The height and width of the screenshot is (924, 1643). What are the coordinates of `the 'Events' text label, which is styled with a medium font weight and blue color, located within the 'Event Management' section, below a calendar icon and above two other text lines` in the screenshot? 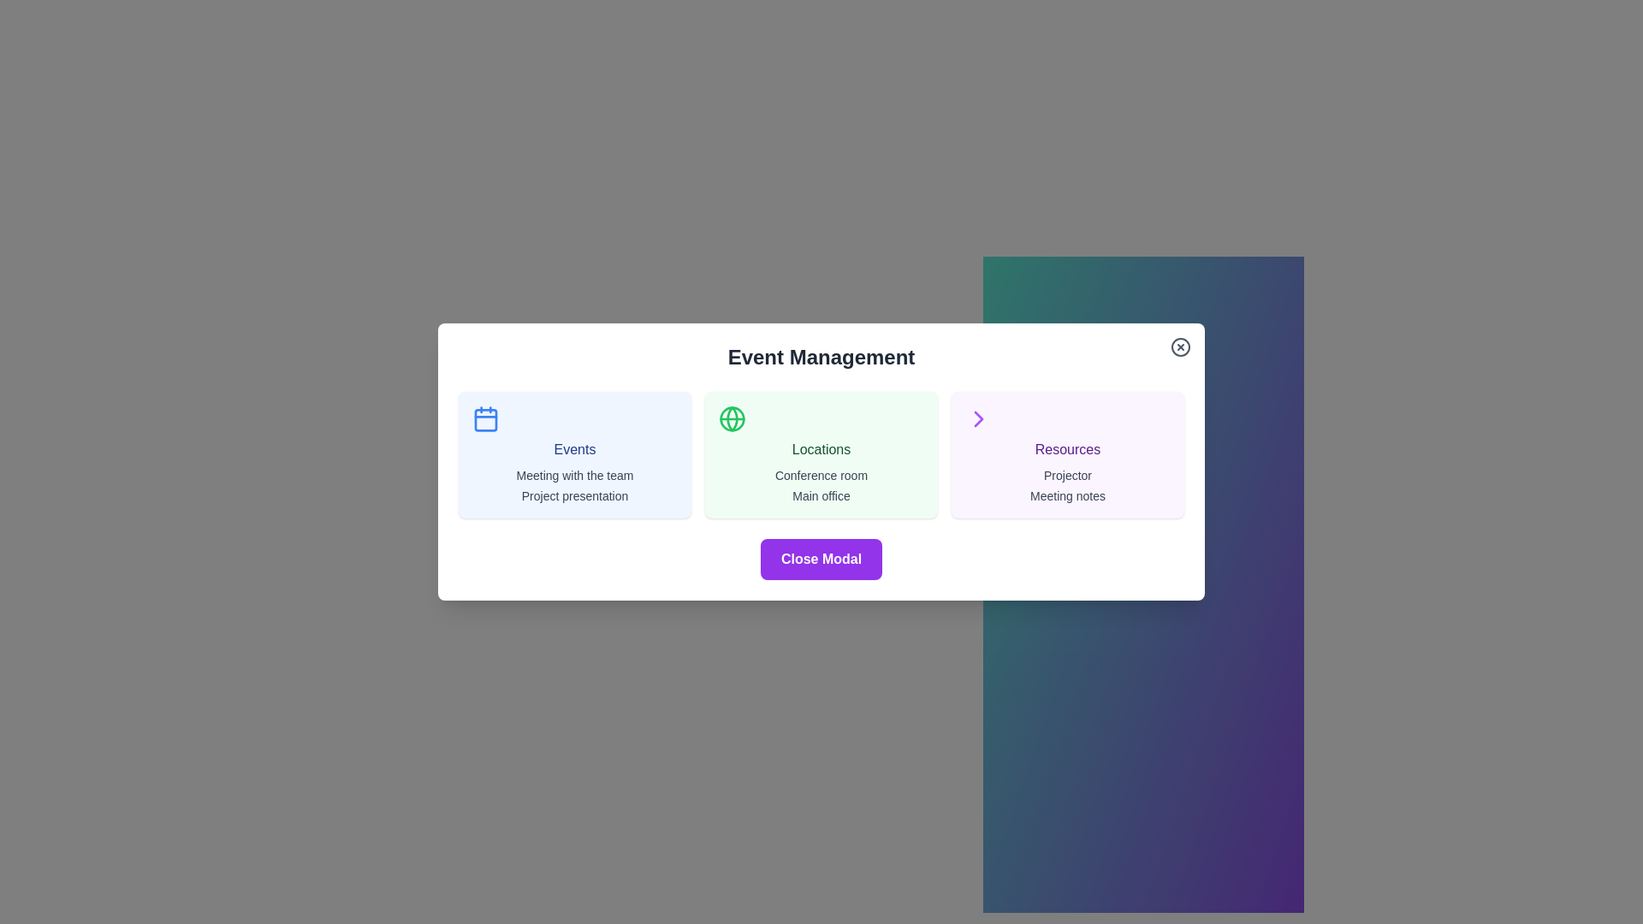 It's located at (575, 448).